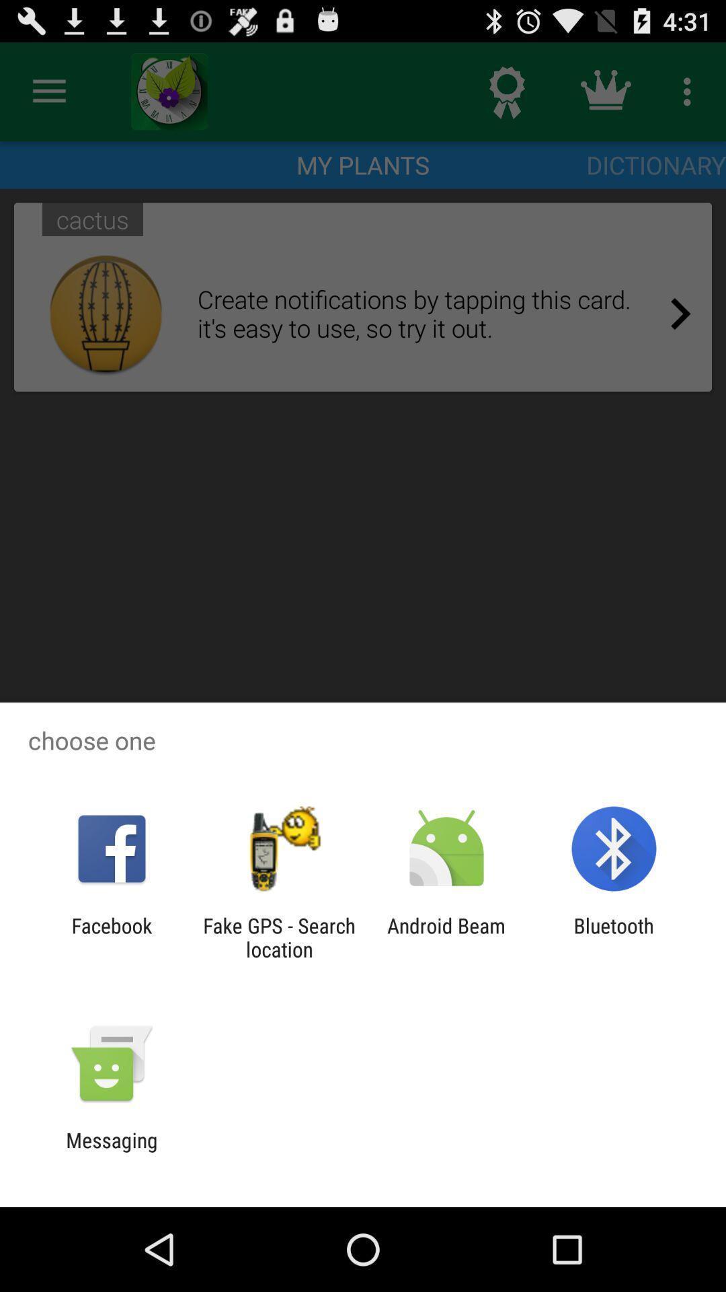  What do you see at coordinates (446, 937) in the screenshot?
I see `the item to the left of the bluetooth app` at bounding box center [446, 937].